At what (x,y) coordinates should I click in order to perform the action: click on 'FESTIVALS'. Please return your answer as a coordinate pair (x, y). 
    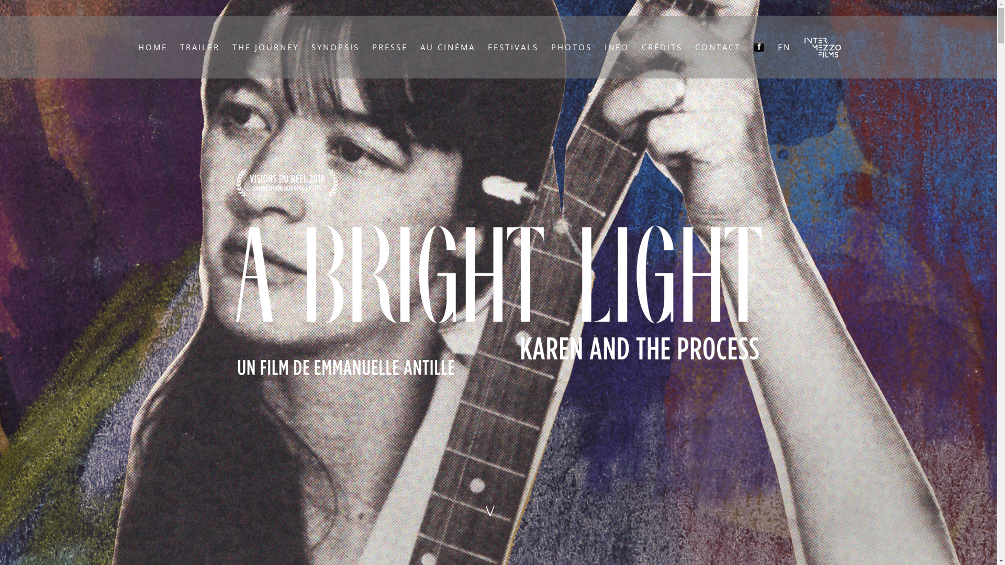
    Looking at the image, I should click on (513, 46).